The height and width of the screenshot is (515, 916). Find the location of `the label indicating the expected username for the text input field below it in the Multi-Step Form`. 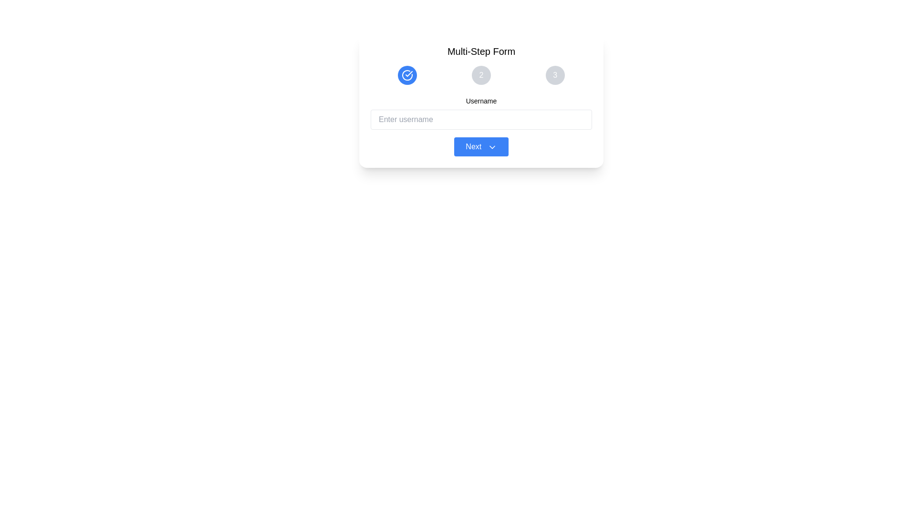

the label indicating the expected username for the text input field below it in the Multi-Step Form is located at coordinates (481, 101).